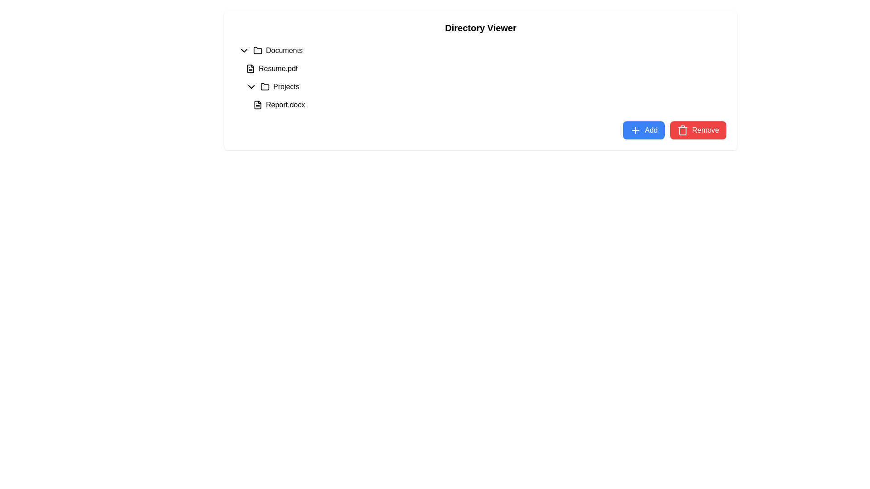 The image size is (870, 489). What do you see at coordinates (244, 50) in the screenshot?
I see `the Chevron icon` at bounding box center [244, 50].